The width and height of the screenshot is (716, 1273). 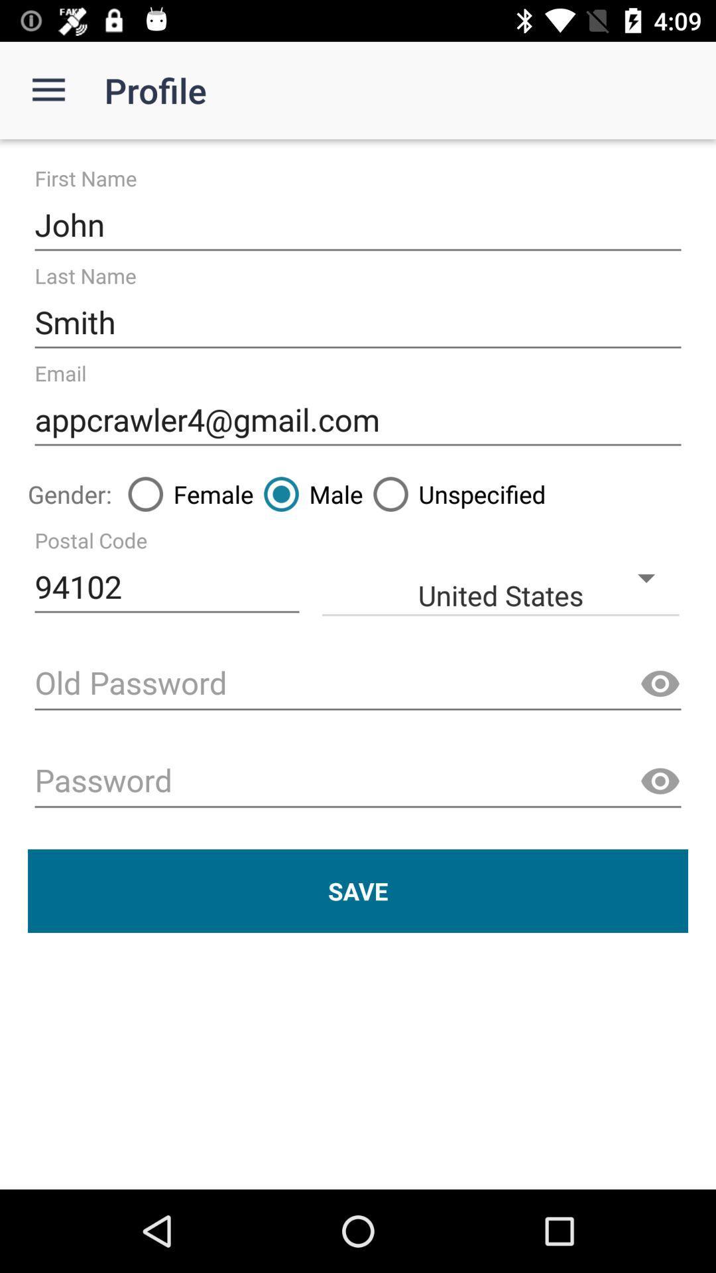 I want to click on the item next to gender:, so click(x=186, y=493).